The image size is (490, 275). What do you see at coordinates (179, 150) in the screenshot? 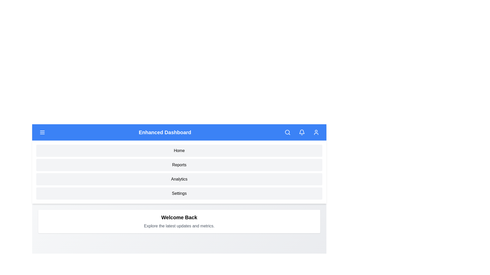
I see `the menu item Home to navigate to its section` at bounding box center [179, 150].